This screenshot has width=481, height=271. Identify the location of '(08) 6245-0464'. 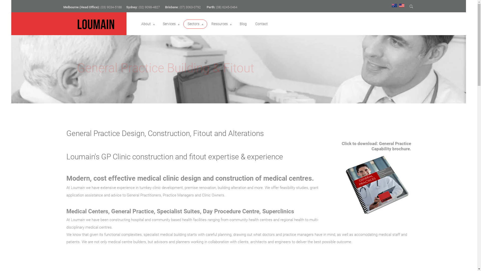
(226, 7).